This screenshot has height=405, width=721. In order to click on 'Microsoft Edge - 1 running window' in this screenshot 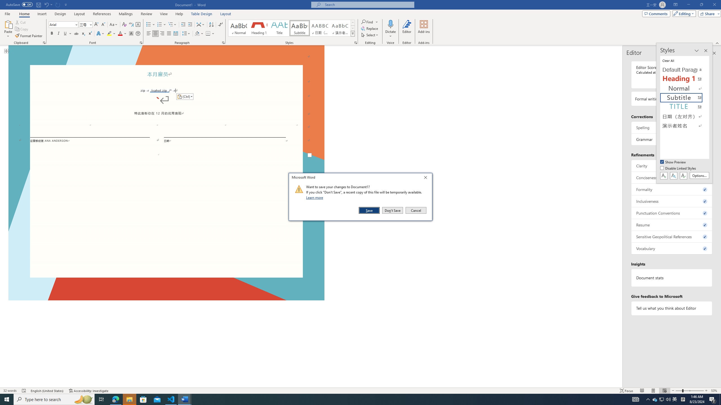, I will do `click(115, 399)`.